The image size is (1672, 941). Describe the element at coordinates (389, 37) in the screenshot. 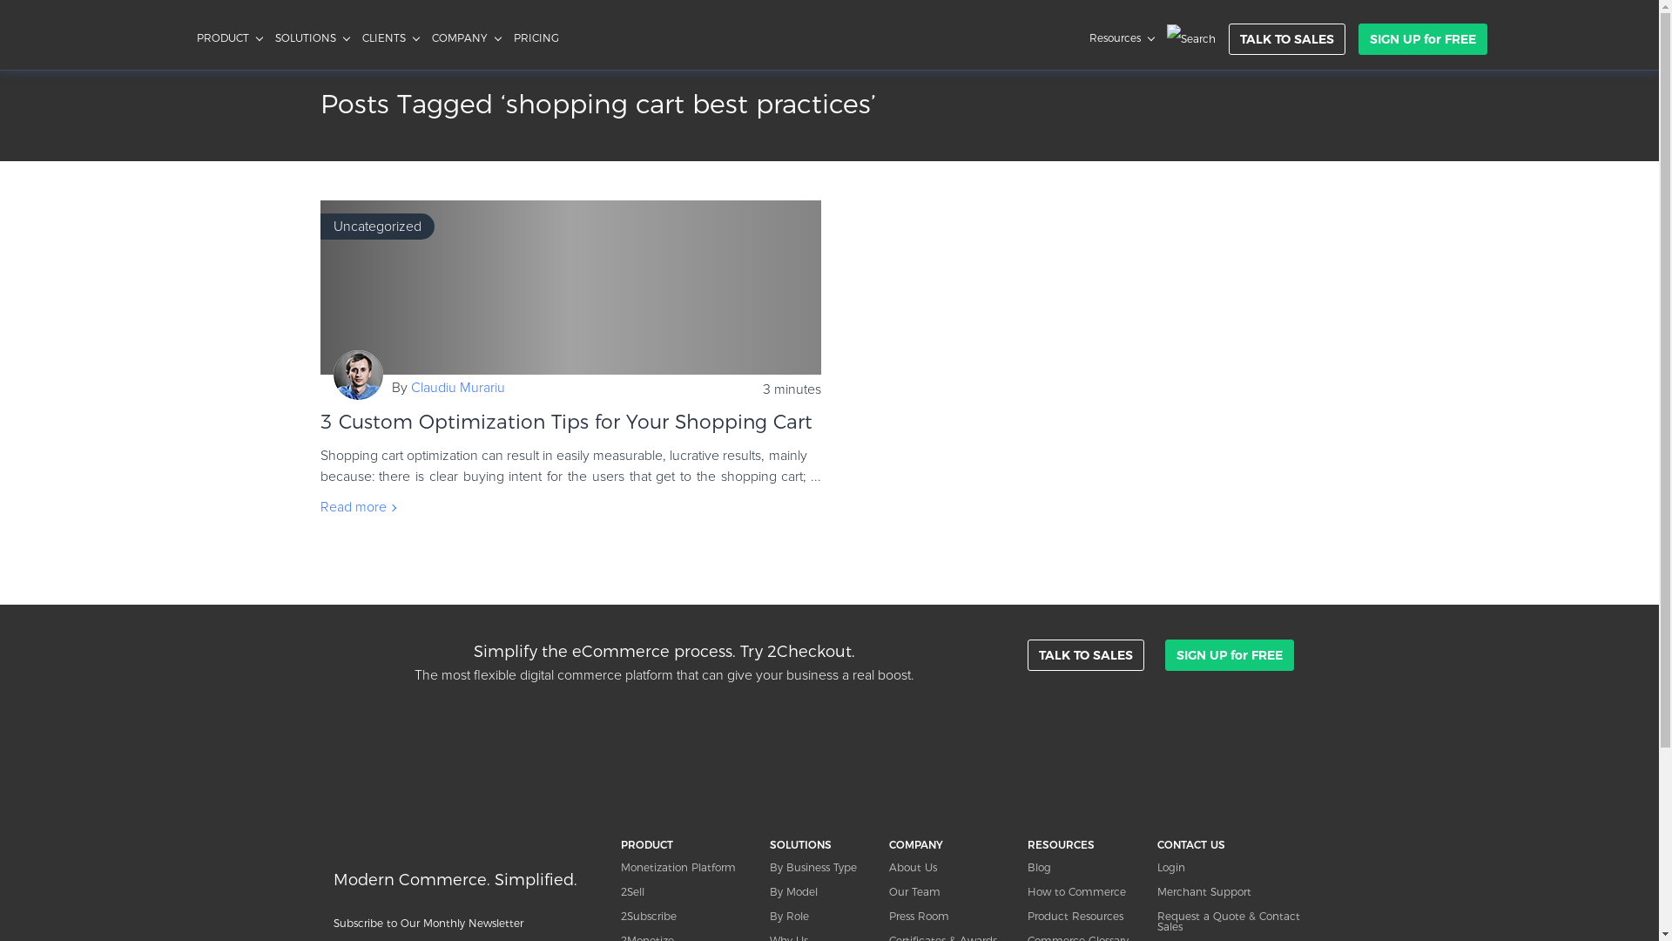

I see `'CLIENTS'` at that location.